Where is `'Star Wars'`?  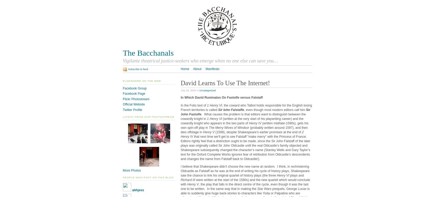 'Star Wars' is located at coordinates (257, 188).